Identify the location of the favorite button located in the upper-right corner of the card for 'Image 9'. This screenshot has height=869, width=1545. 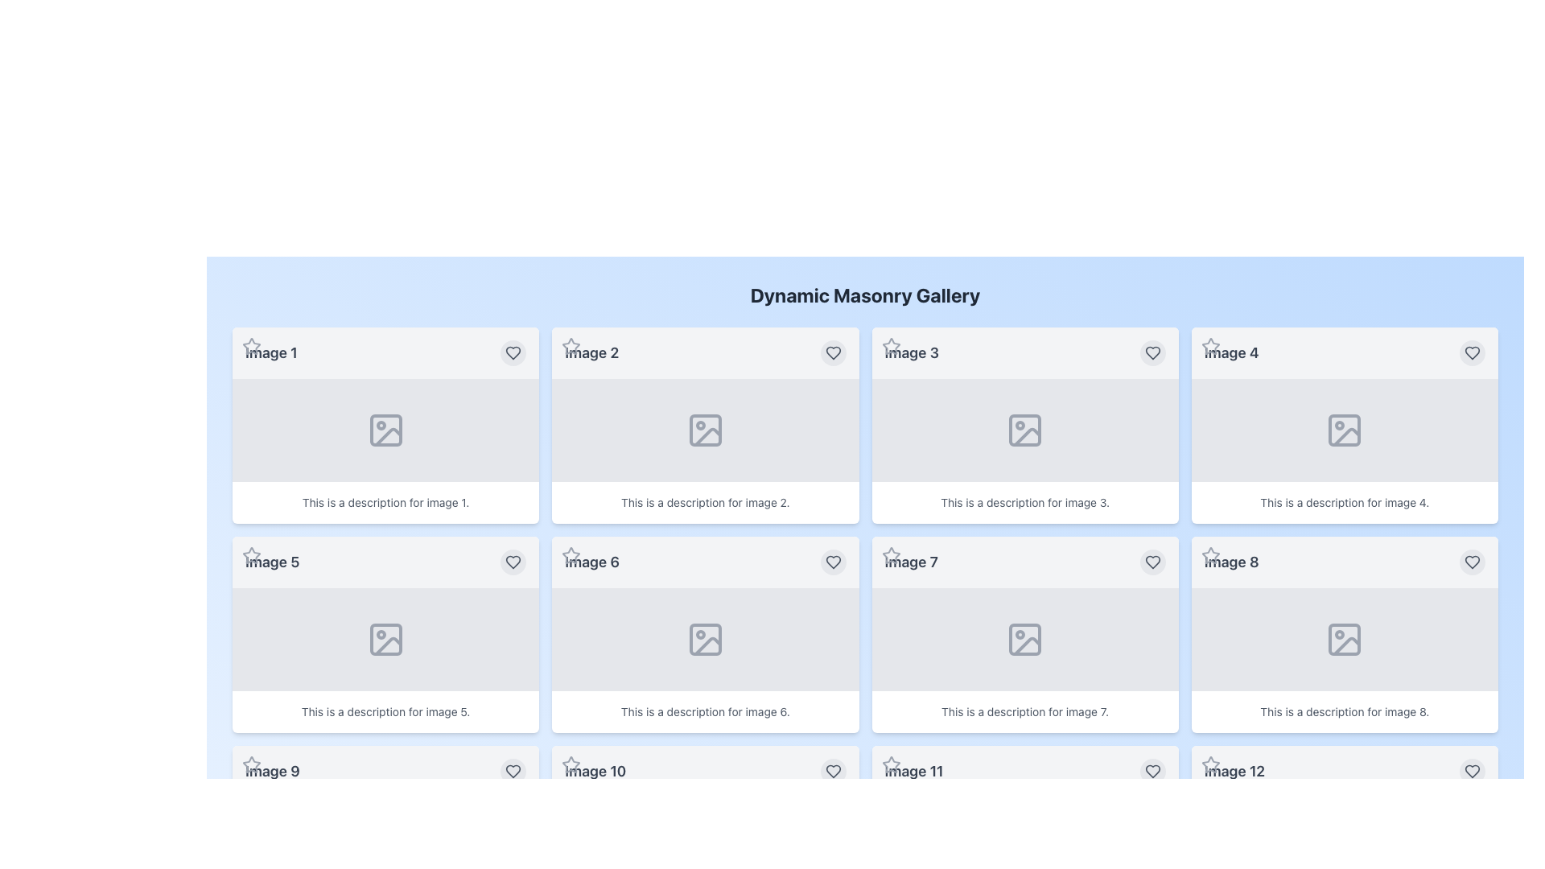
(513, 771).